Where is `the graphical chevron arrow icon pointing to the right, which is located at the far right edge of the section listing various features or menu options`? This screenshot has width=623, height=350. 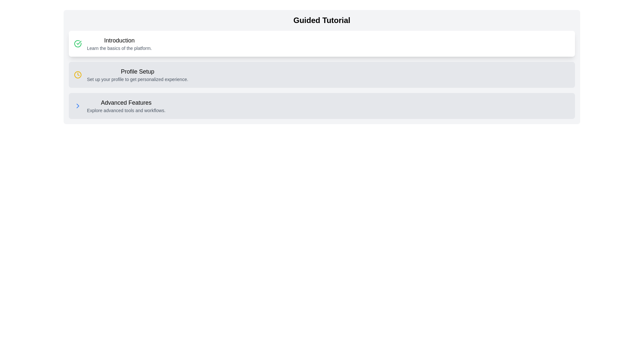 the graphical chevron arrow icon pointing to the right, which is located at the far right edge of the section listing various features or menu options is located at coordinates (78, 106).